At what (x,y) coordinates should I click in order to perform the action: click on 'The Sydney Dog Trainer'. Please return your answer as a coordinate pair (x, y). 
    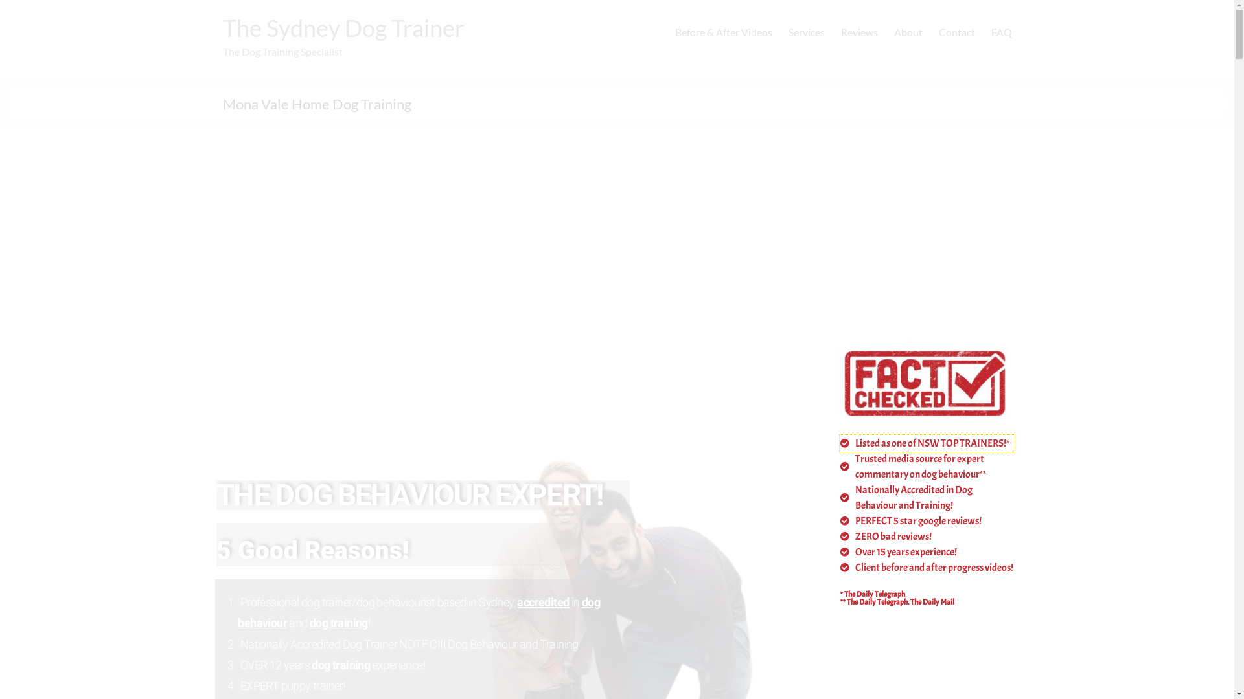
    Looking at the image, I should click on (343, 27).